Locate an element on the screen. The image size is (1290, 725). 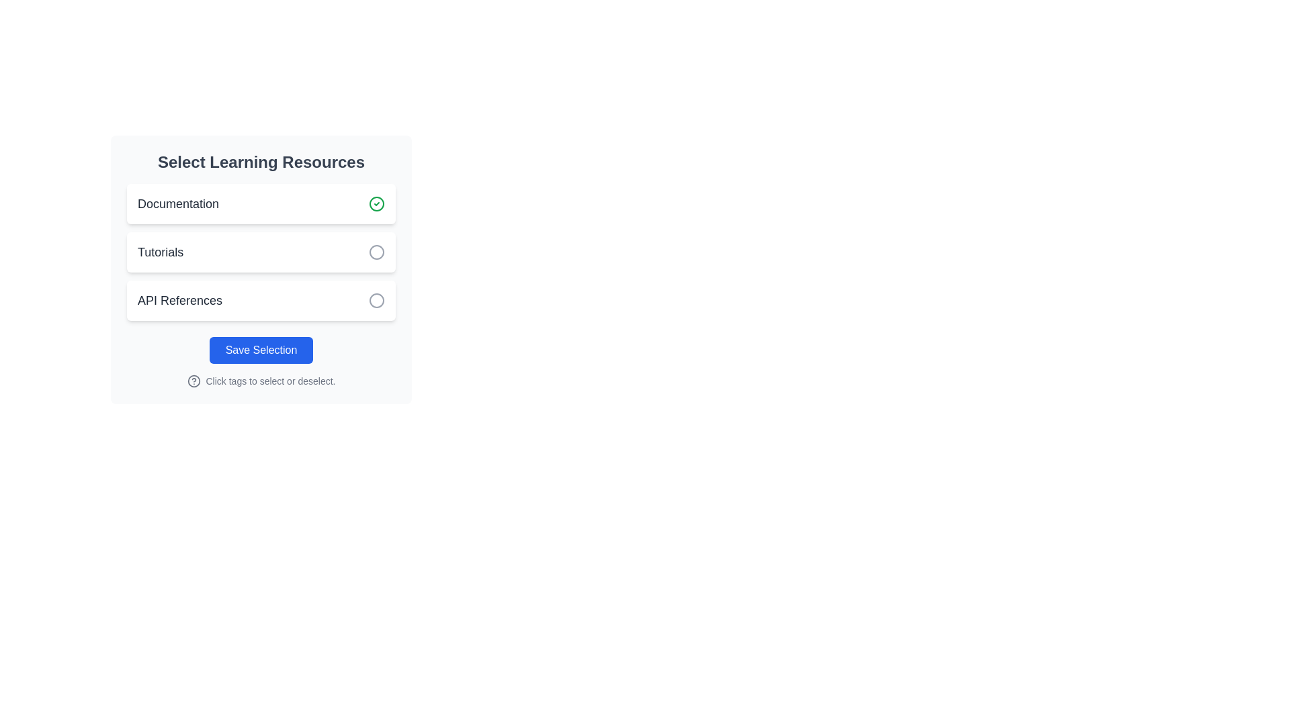
the selection status of the green circular icon with a checkmark located next to the 'Documentation' text in the list is located at coordinates (376, 204).